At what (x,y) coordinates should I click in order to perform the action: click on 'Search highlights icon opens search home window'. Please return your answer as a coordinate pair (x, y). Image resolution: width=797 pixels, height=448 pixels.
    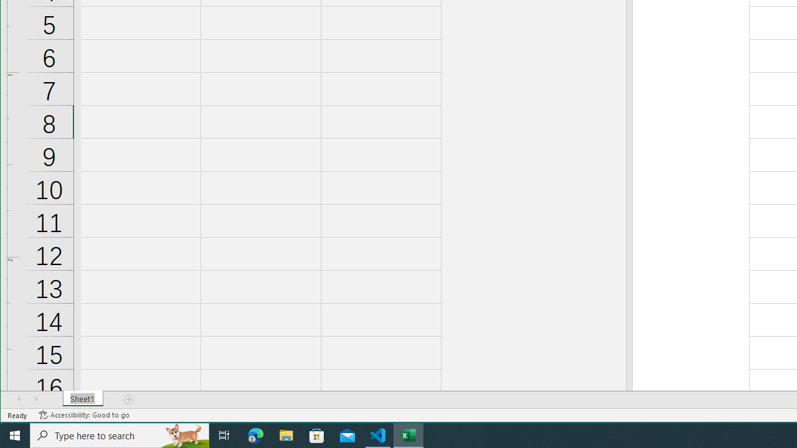
    Looking at the image, I should click on (183, 434).